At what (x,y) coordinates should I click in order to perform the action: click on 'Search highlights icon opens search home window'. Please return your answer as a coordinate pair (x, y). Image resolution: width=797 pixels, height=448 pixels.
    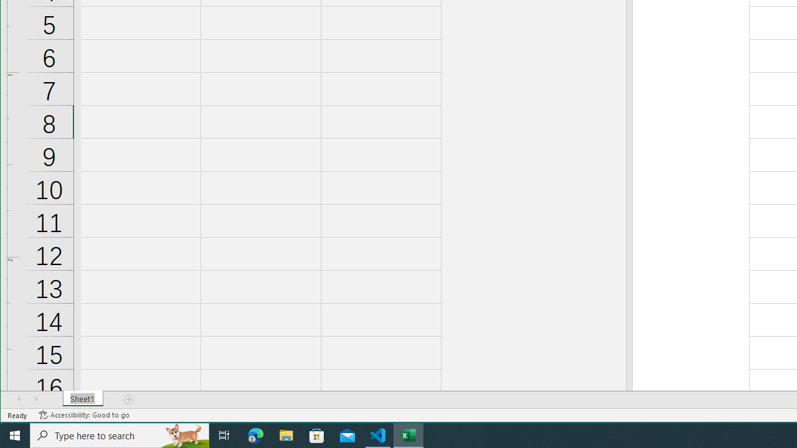
    Looking at the image, I should click on (183, 434).